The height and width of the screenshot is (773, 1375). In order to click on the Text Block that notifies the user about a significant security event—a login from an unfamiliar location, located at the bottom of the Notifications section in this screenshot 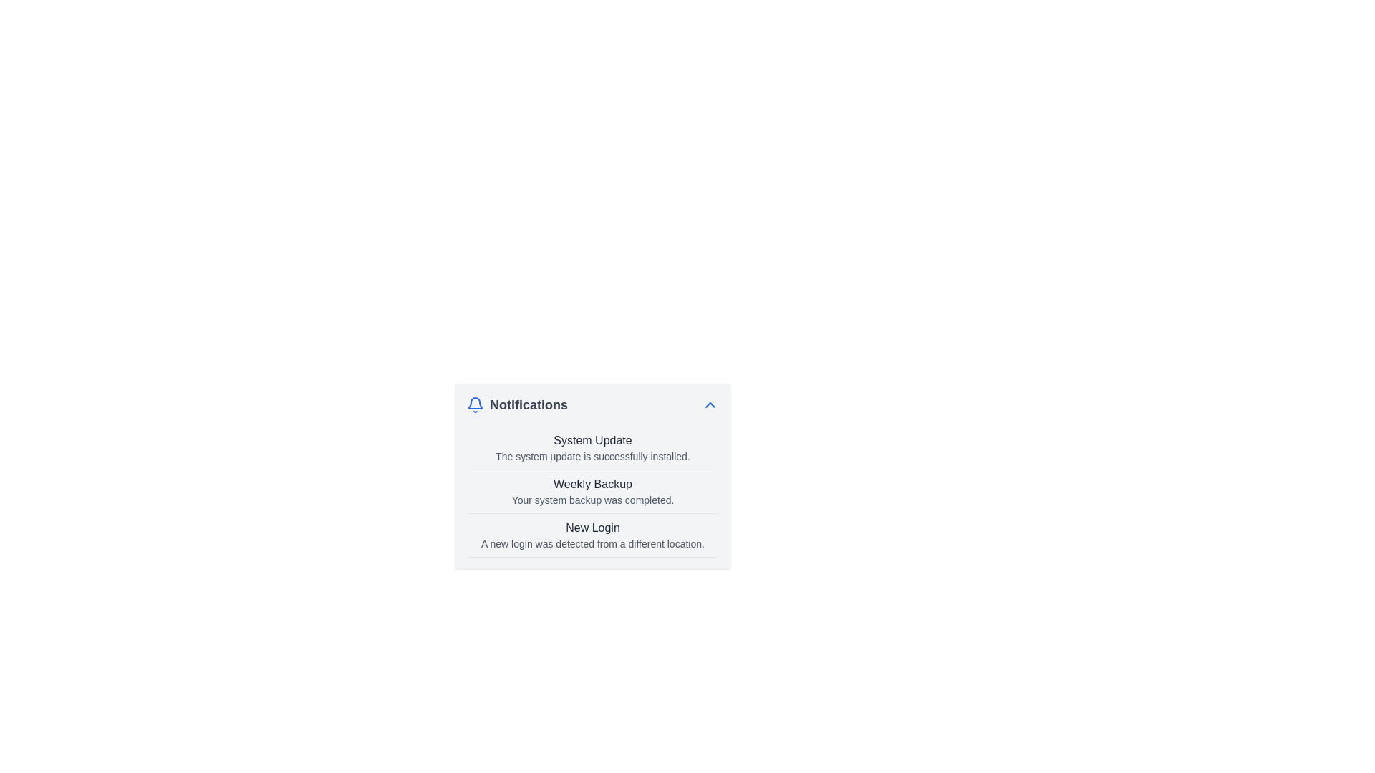, I will do `click(593, 535)`.